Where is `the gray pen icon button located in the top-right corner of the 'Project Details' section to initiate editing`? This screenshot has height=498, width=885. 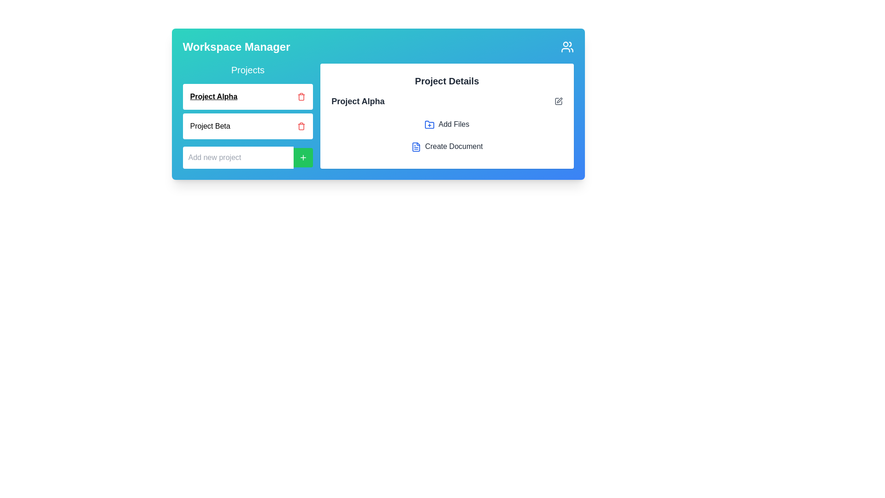
the gray pen icon button located in the top-right corner of the 'Project Details' section to initiate editing is located at coordinates (558, 101).